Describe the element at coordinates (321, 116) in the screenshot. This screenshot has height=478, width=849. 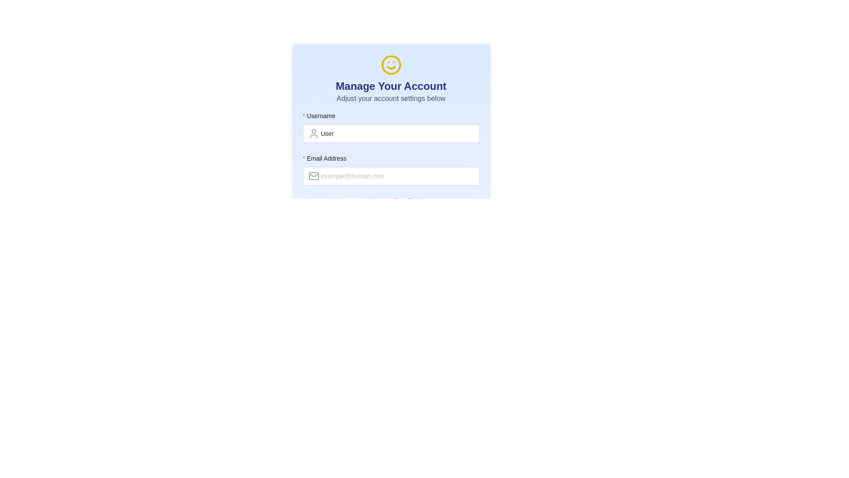
I see `the 'Username' label, which is styled with a bold font and a red asterisk, indicating it is a required field, positioned above the username input field in the form` at that location.